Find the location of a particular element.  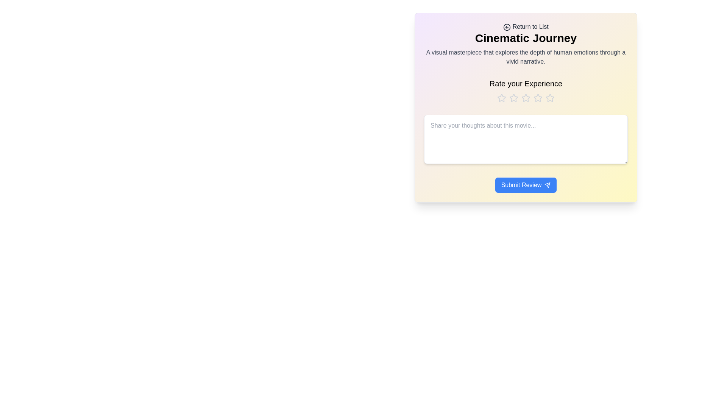

the fourth rating star in the 'Rate your Experience' section under 'Cinematic Journey' to observe the scaling effect is located at coordinates (537, 97).